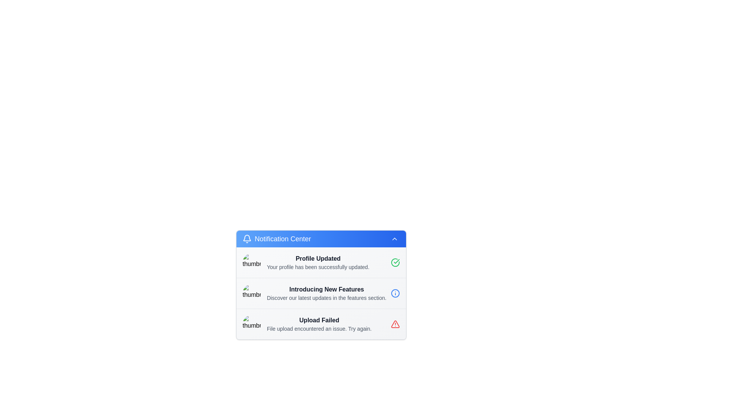 Image resolution: width=730 pixels, height=411 pixels. I want to click on error message from the text block indicating an unsuccessful file upload, which is the third notification in the Notification Center, so click(319, 324).